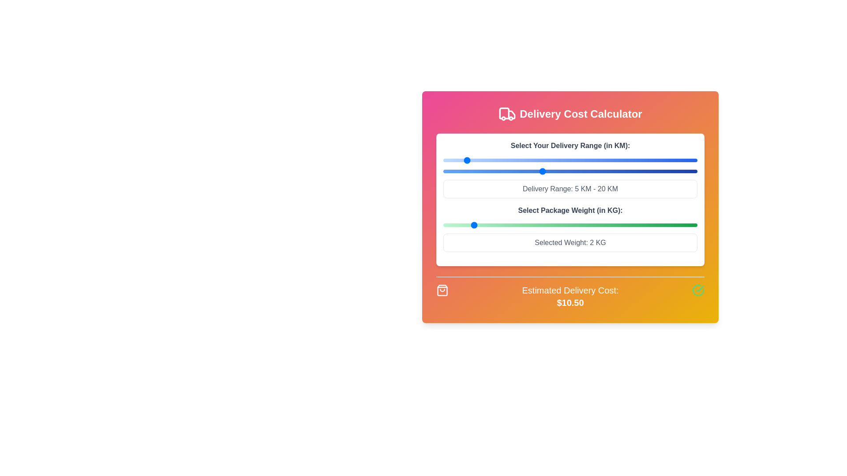 The height and width of the screenshot is (476, 847). I want to click on the delivery range, so click(531, 160).